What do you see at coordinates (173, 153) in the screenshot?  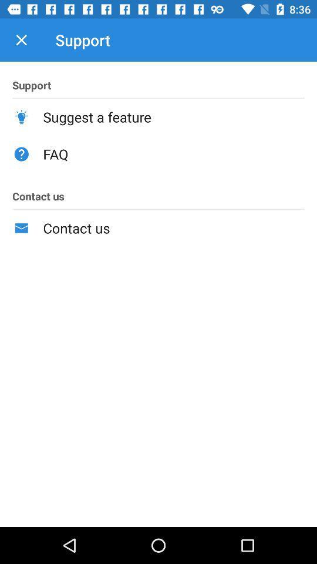 I see `faq icon` at bounding box center [173, 153].